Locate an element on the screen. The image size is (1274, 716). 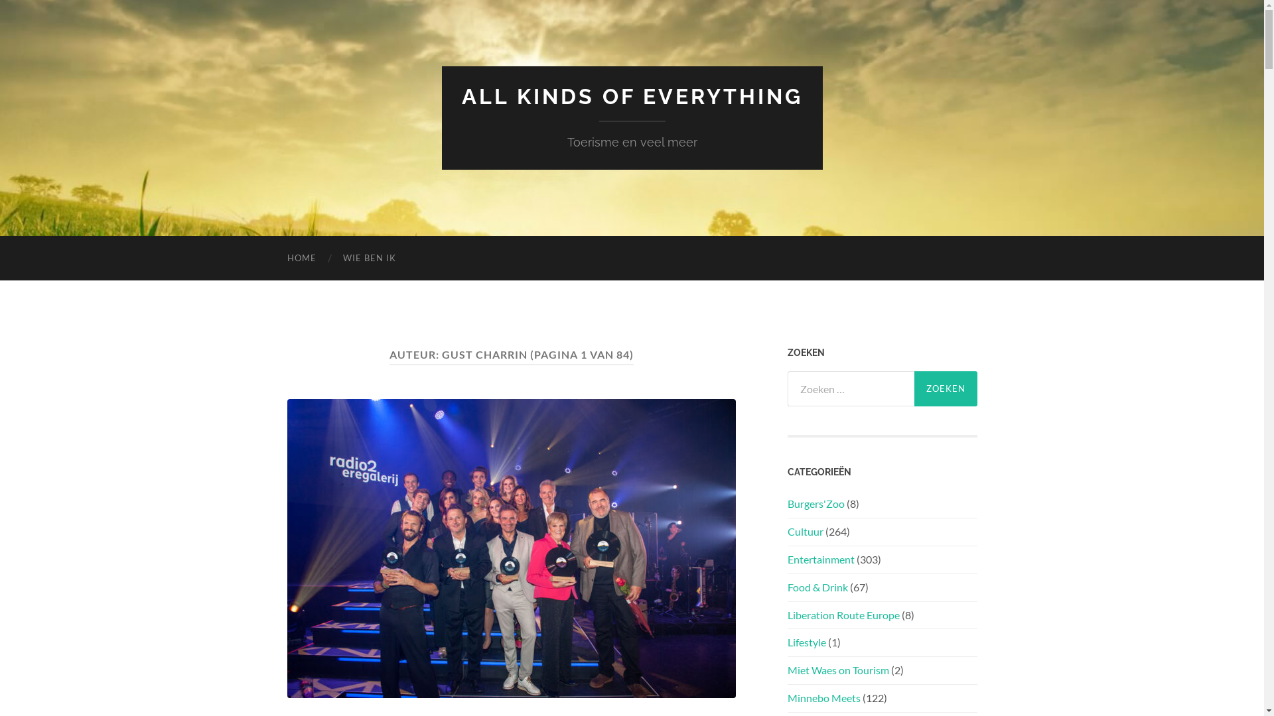
'Miet Waes on Tourism' is located at coordinates (786, 670).